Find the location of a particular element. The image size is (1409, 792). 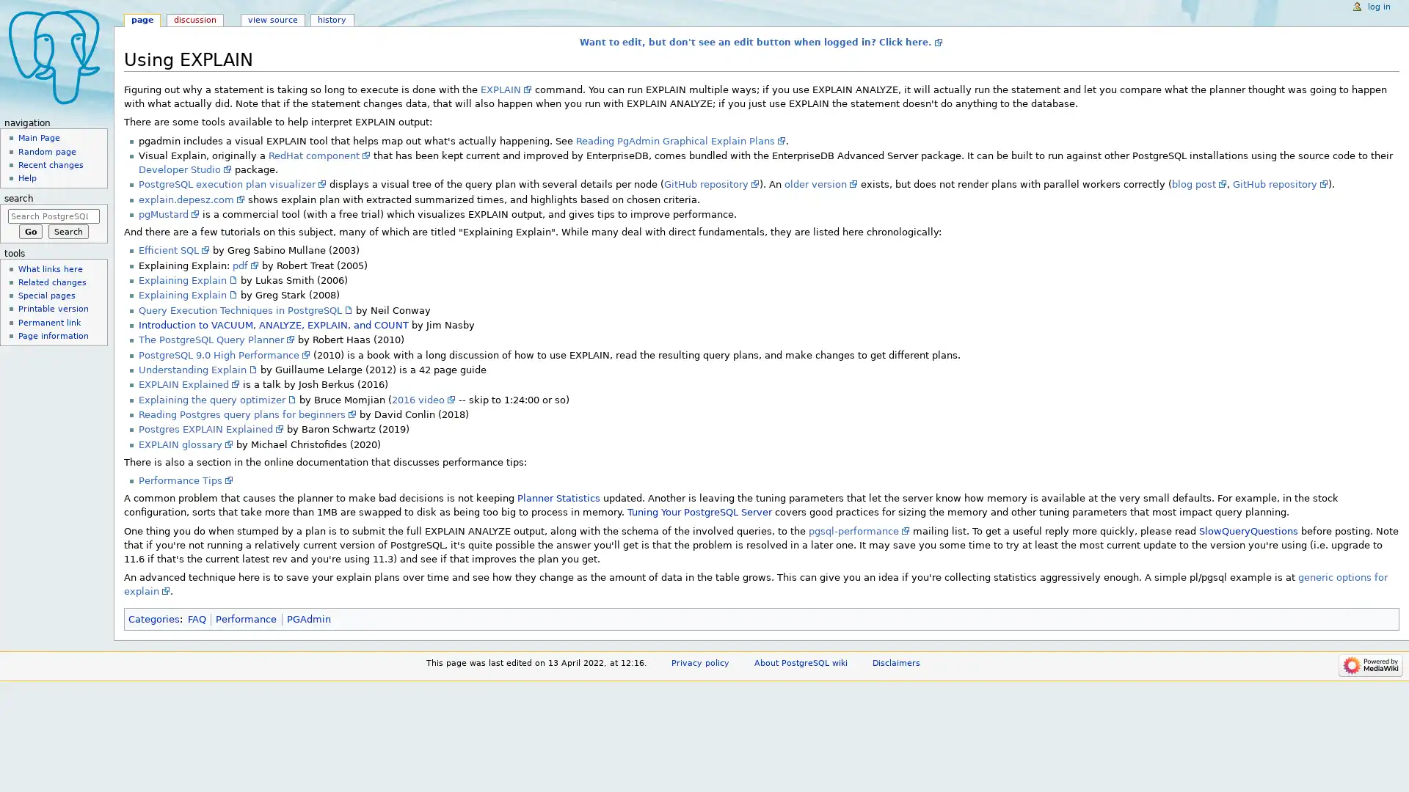

Go is located at coordinates (30, 231).